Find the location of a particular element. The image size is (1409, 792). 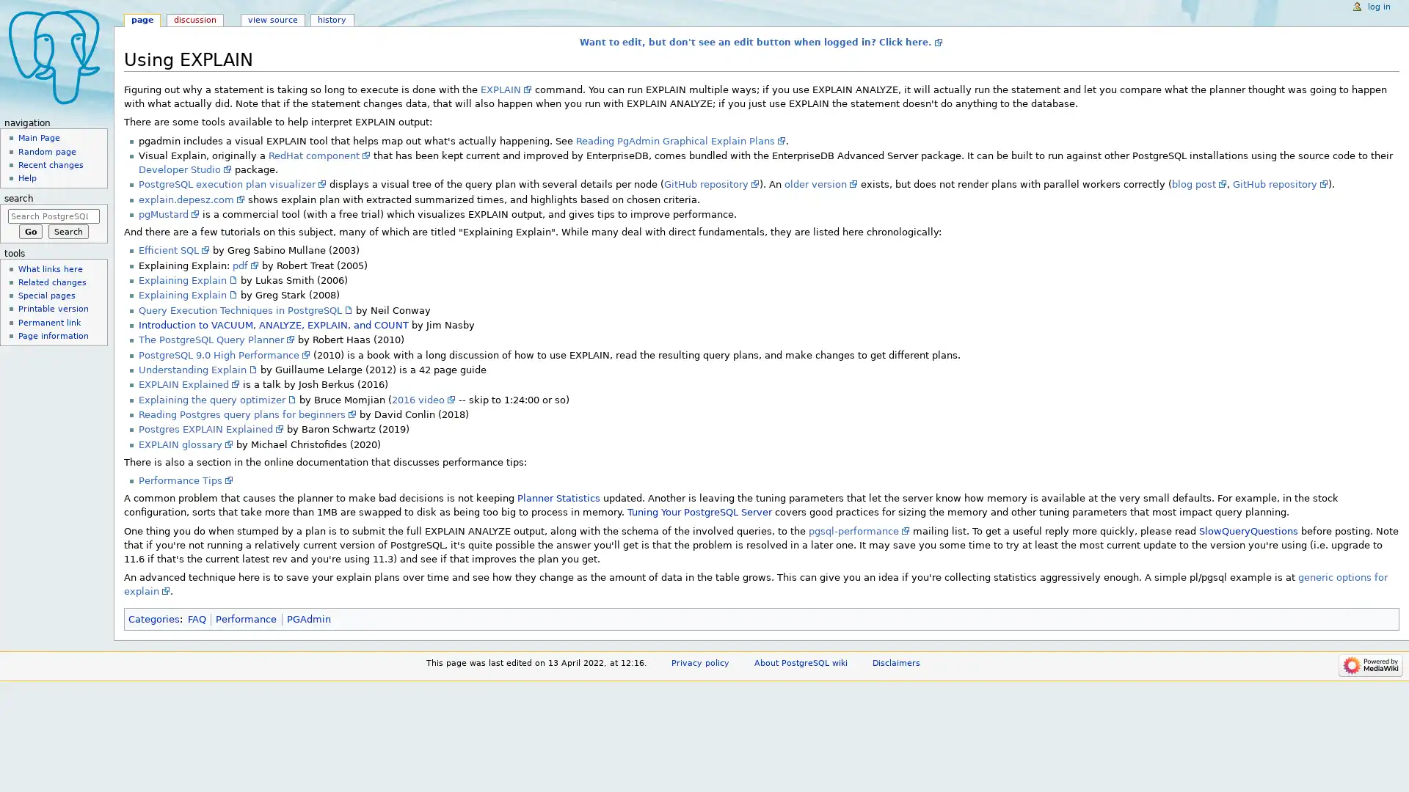

Go is located at coordinates (30, 231).